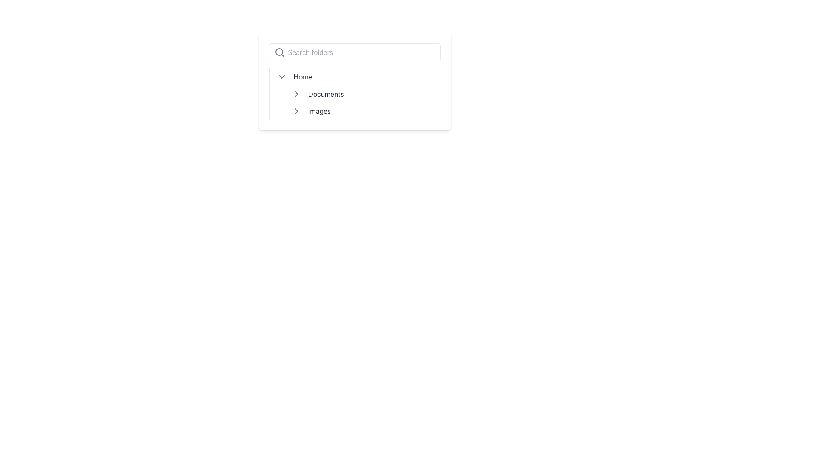 Image resolution: width=825 pixels, height=464 pixels. I want to click on the 'Documents' text label in the hierarchical navigation menu, so click(325, 94).